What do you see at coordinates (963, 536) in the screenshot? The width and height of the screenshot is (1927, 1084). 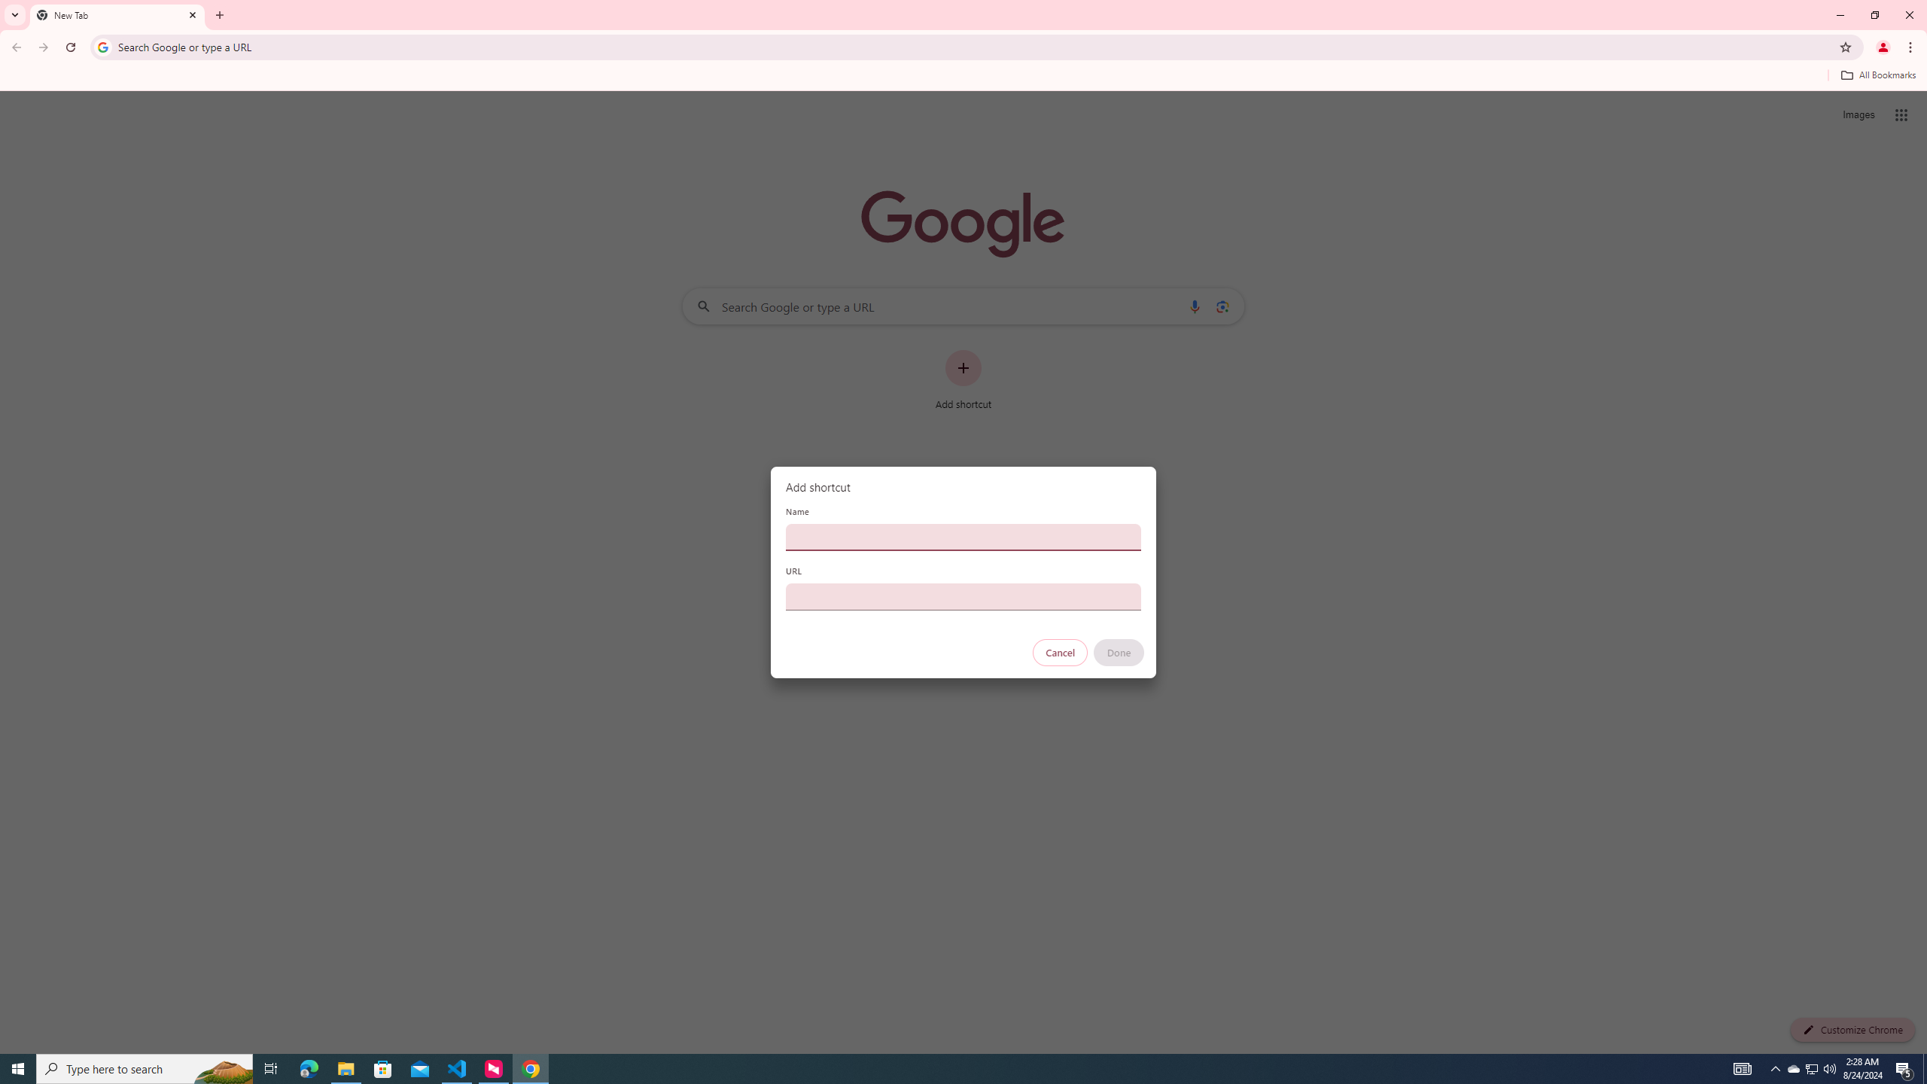 I see `'Name'` at bounding box center [963, 536].